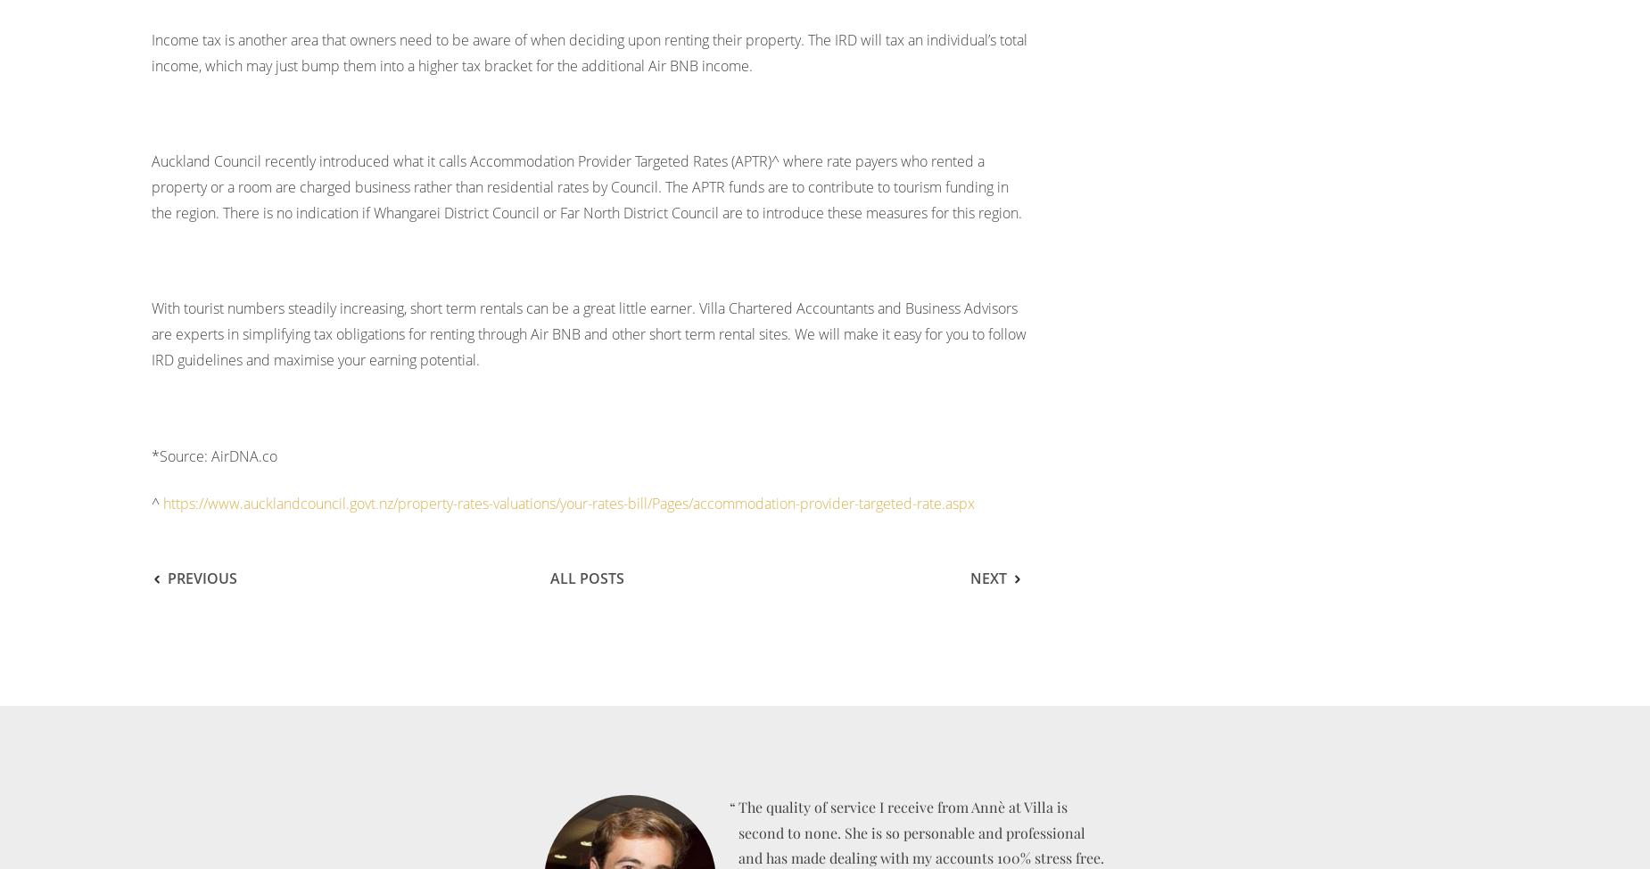 The width and height of the screenshot is (1650, 869). I want to click on 'https://www.aucklandcouncil.govt.nz/property-rates-valuations/your-rates-bill/Pages/accommodation-provider-targeted-rate.aspx', so click(569, 503).